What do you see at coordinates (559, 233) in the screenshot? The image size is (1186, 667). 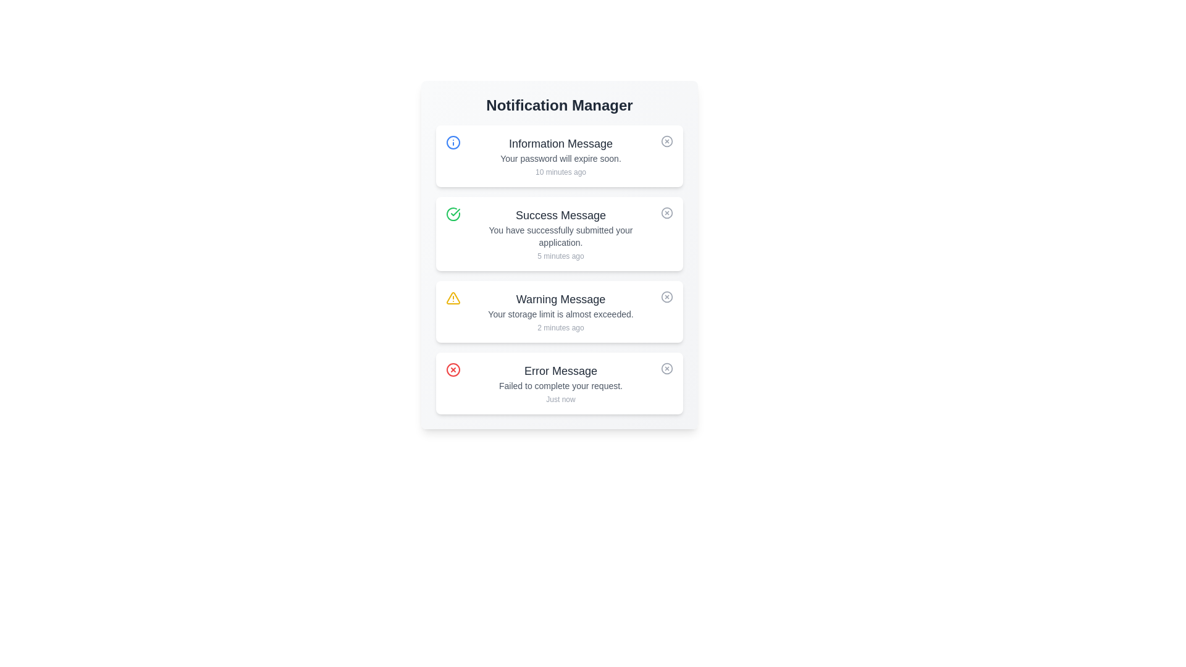 I see `the notification card that informs the user about the successful application submission, which is the second card in a vertical list of notifications` at bounding box center [559, 233].